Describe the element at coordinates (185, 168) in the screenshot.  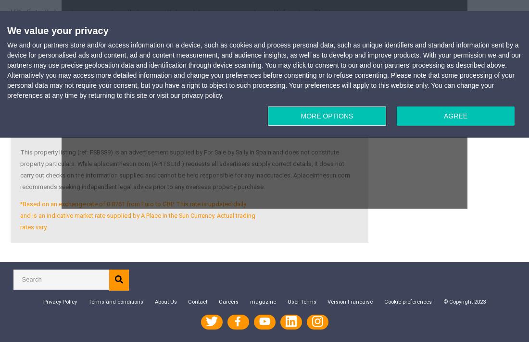
I see `'This property listing (ref: FSBS89) is an advertisement supplied by For Sale by Sally in Spain and does not constitute property particulars. While aplaceinthesun.com (APITS Ltd.) requests all advertisers supply correct details, it does not carry out checks on the information supplied and cannot be held responsible for any inaccuracies. Aplaceinthesun.com recommends seeking independent legal advice prior to any overseas property purchase.'` at that location.